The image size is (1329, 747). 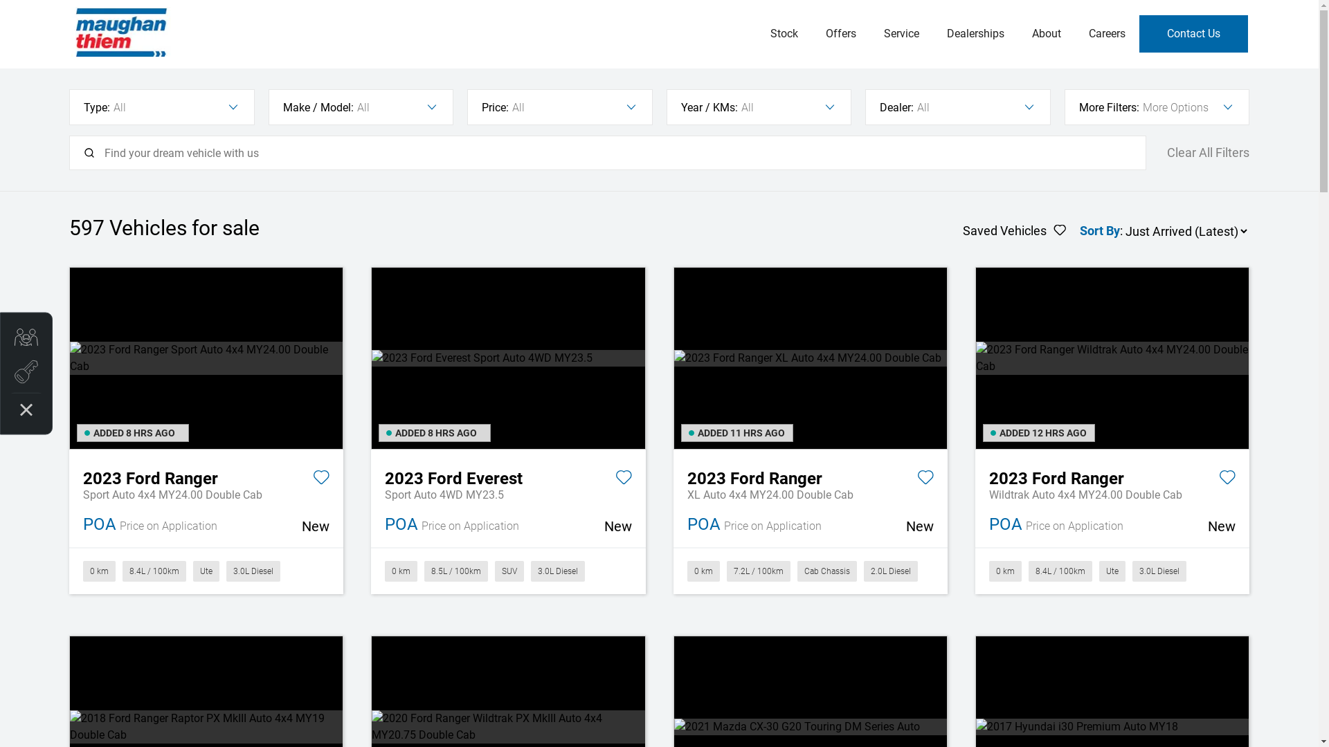 I want to click on '2023 Ford Ranger, so click(x=810, y=476).